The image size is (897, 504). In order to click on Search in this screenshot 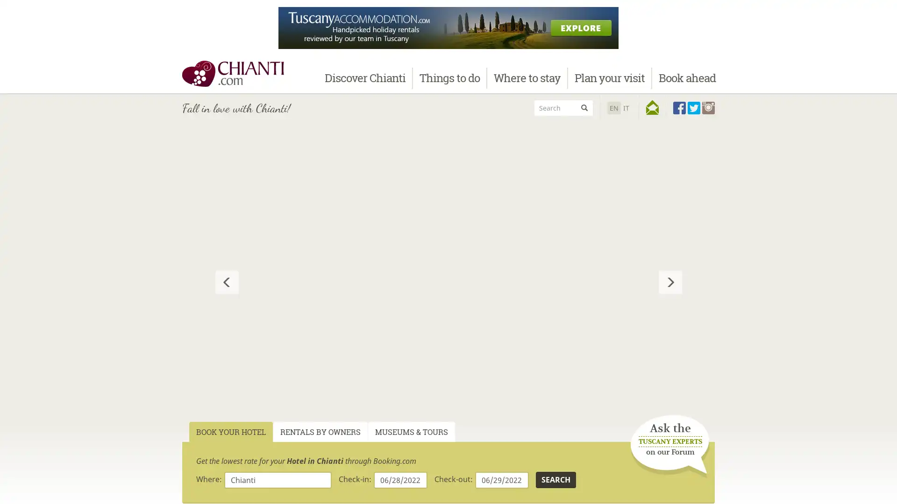, I will do `click(556, 480)`.